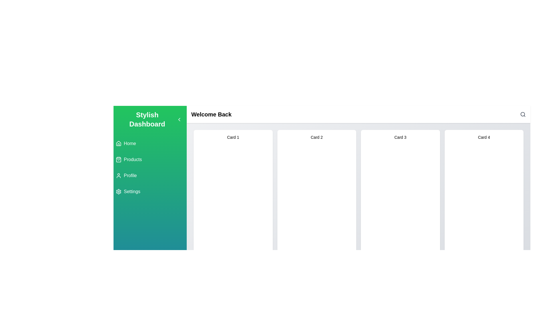 This screenshot has height=309, width=549. Describe the element at coordinates (523, 114) in the screenshot. I see `the search icon, represented by a magnifying glass, located in the top-right corner of the header area, to initiate a search` at that location.